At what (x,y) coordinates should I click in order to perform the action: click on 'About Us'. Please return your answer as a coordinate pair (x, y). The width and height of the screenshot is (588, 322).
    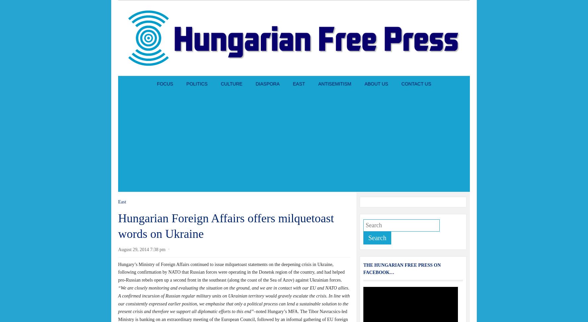
    Looking at the image, I should click on (364, 84).